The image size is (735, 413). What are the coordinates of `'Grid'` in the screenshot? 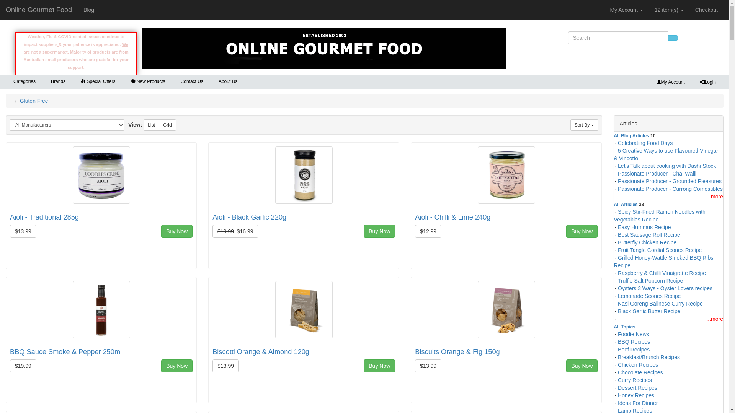 It's located at (167, 125).